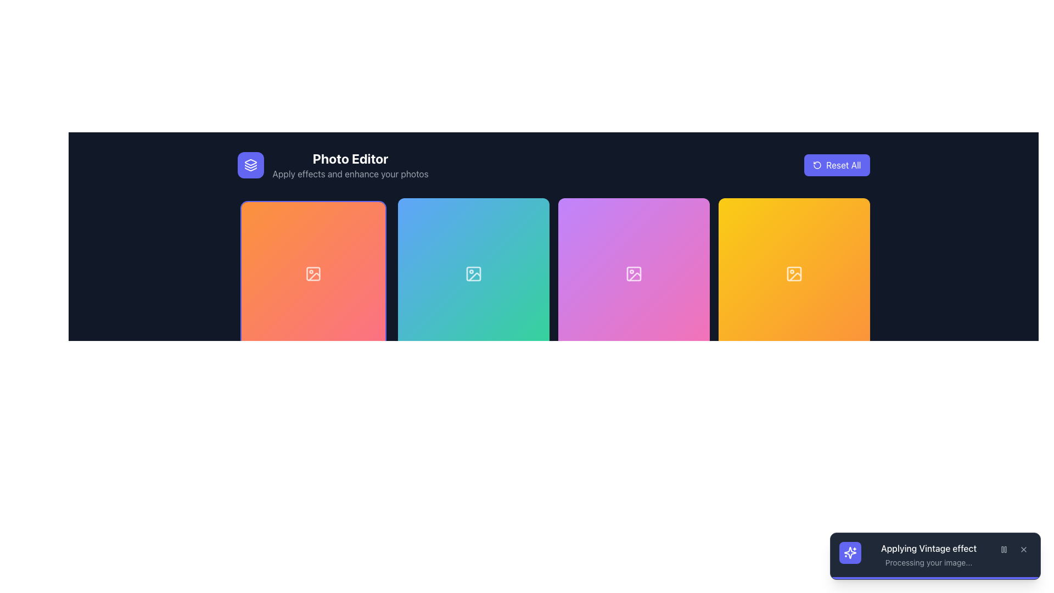 Image resolution: width=1054 pixels, height=593 pixels. I want to click on the small circular arrow icon located within the 'Reset All' button, so click(817, 165).